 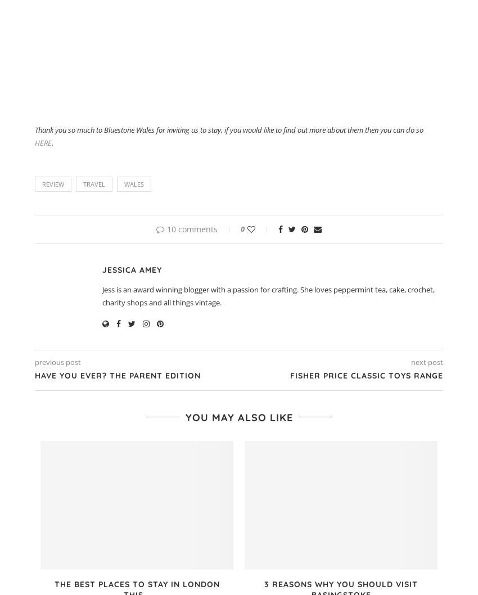 I want to click on 'Jessica Amey', so click(x=132, y=268).